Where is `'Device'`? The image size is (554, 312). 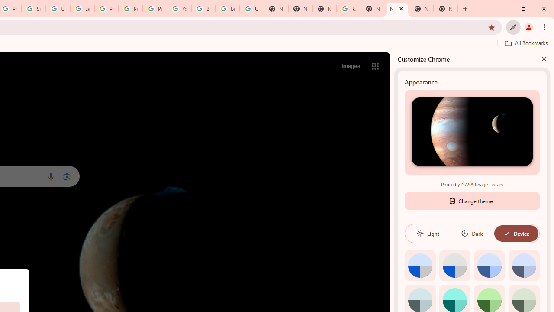 'Device' is located at coordinates (516, 233).